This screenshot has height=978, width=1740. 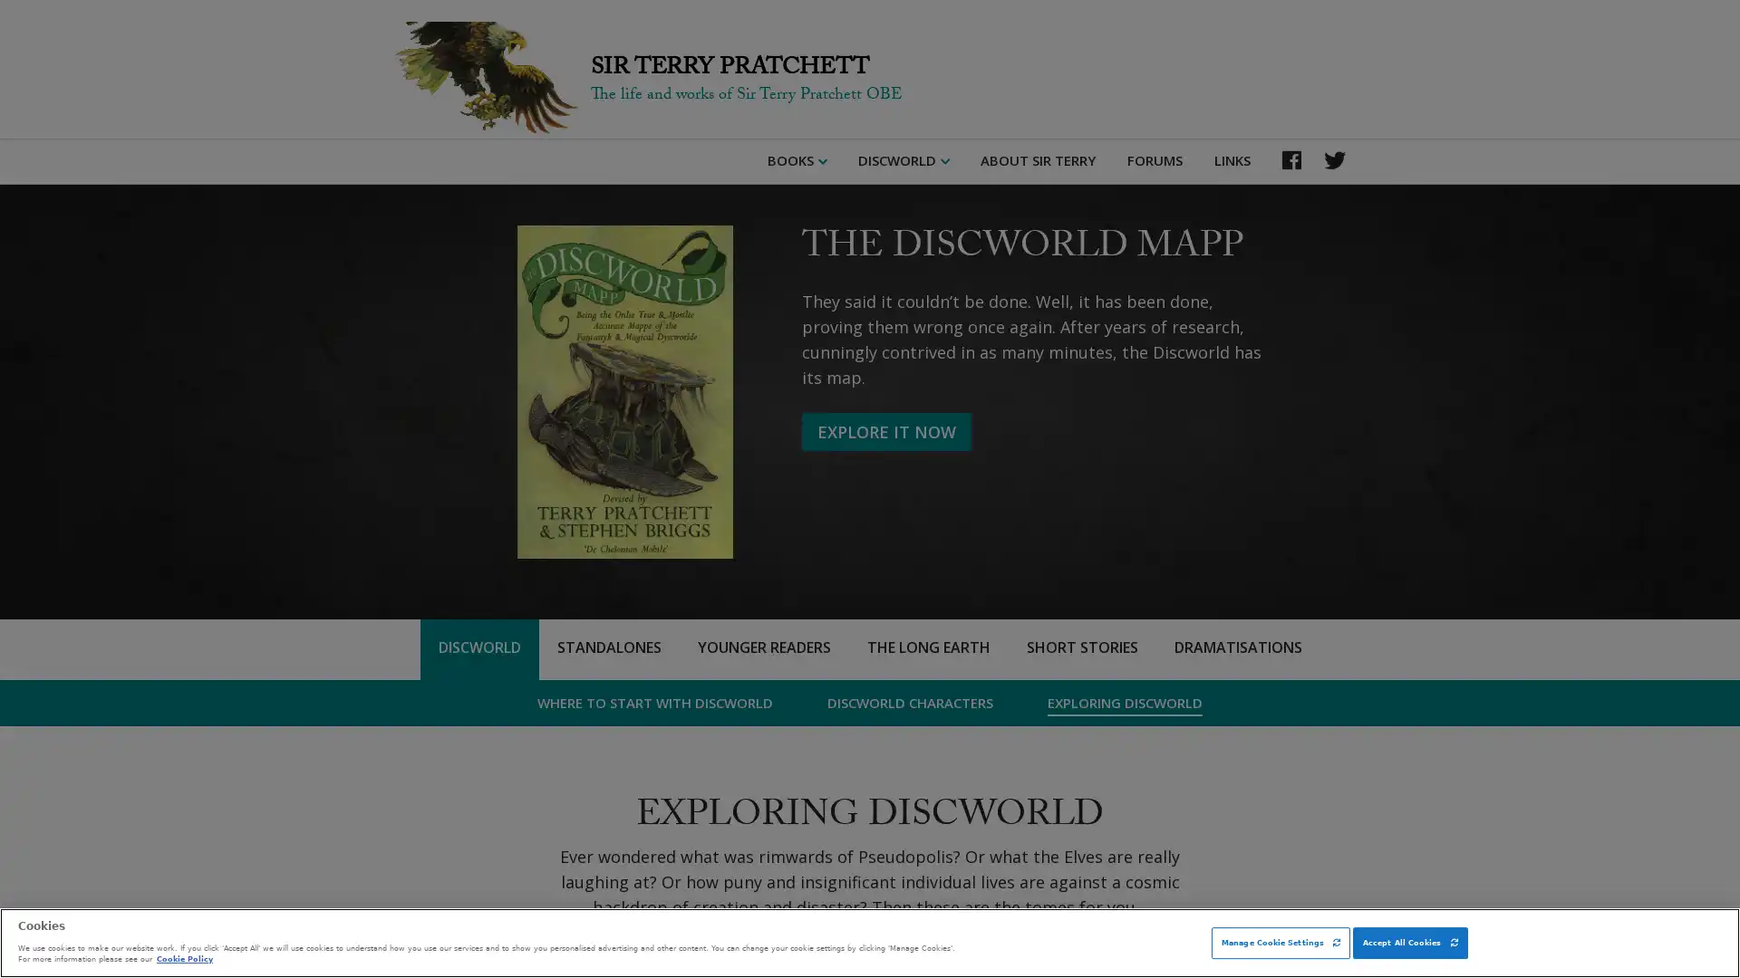 What do you see at coordinates (886, 432) in the screenshot?
I see `EXPLORE IT NOW` at bounding box center [886, 432].